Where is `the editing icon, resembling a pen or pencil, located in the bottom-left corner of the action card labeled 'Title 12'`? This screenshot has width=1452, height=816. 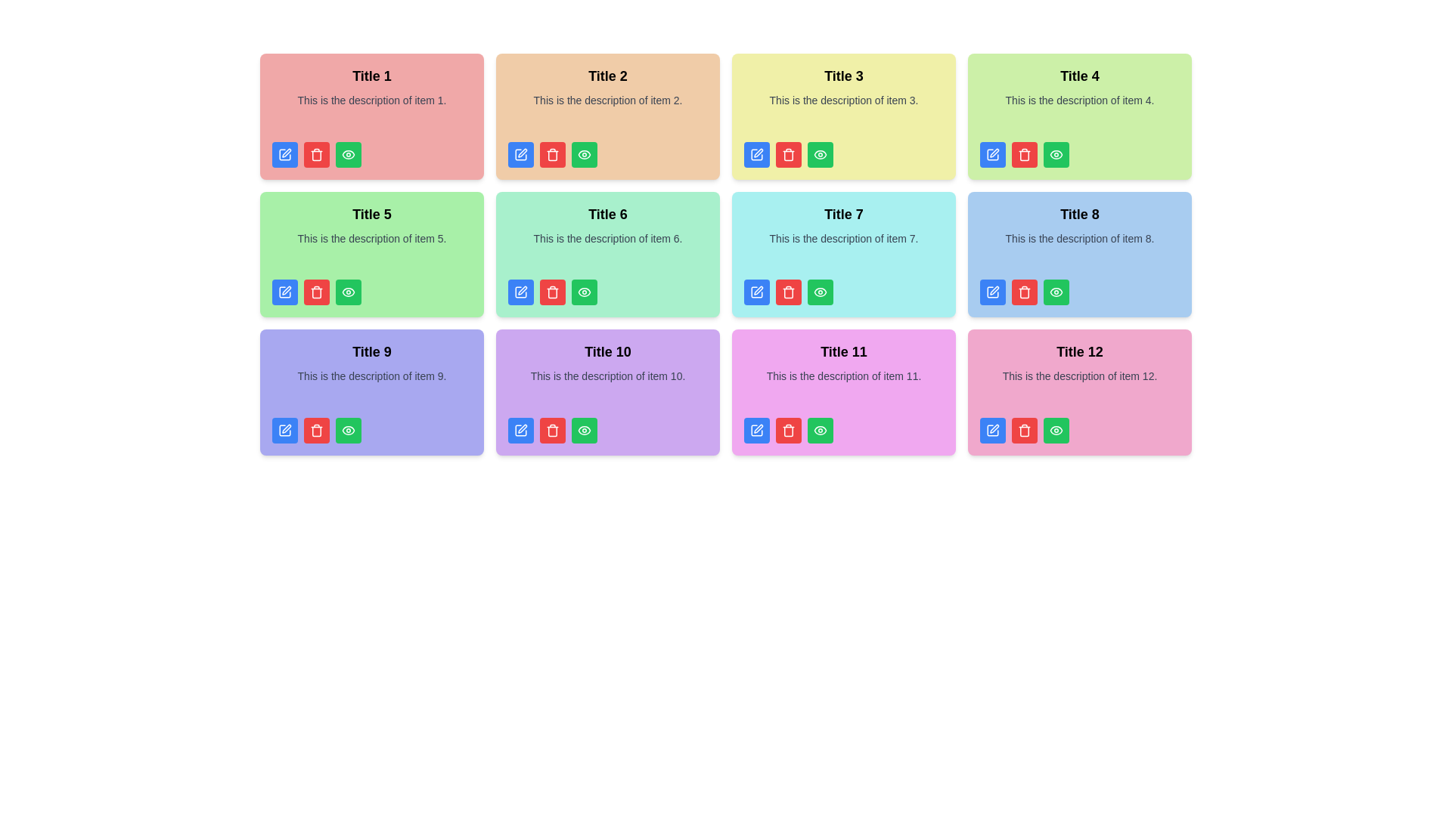 the editing icon, resembling a pen or pencil, located in the bottom-left corner of the action card labeled 'Title 12' is located at coordinates (993, 430).